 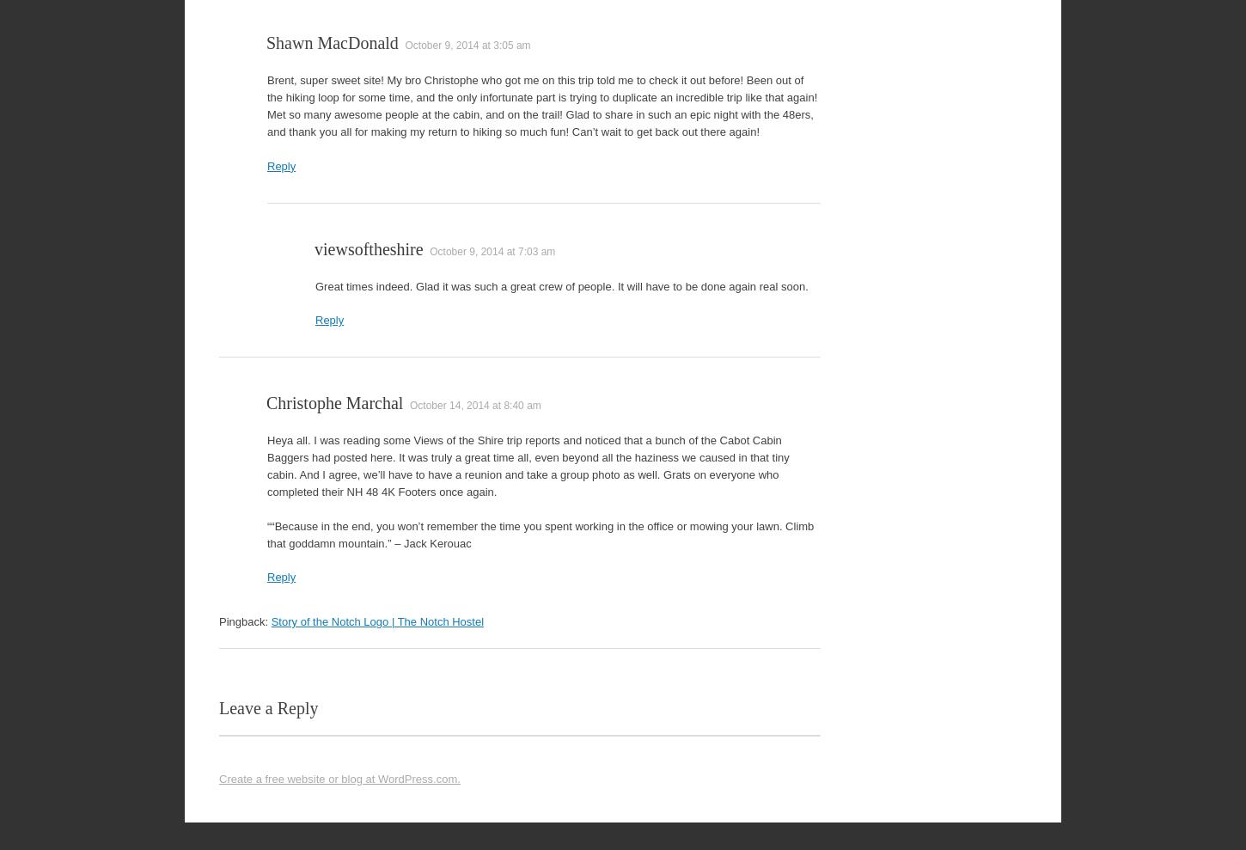 I want to click on 'October 9, 2014 at 3:05 am', so click(x=467, y=45).